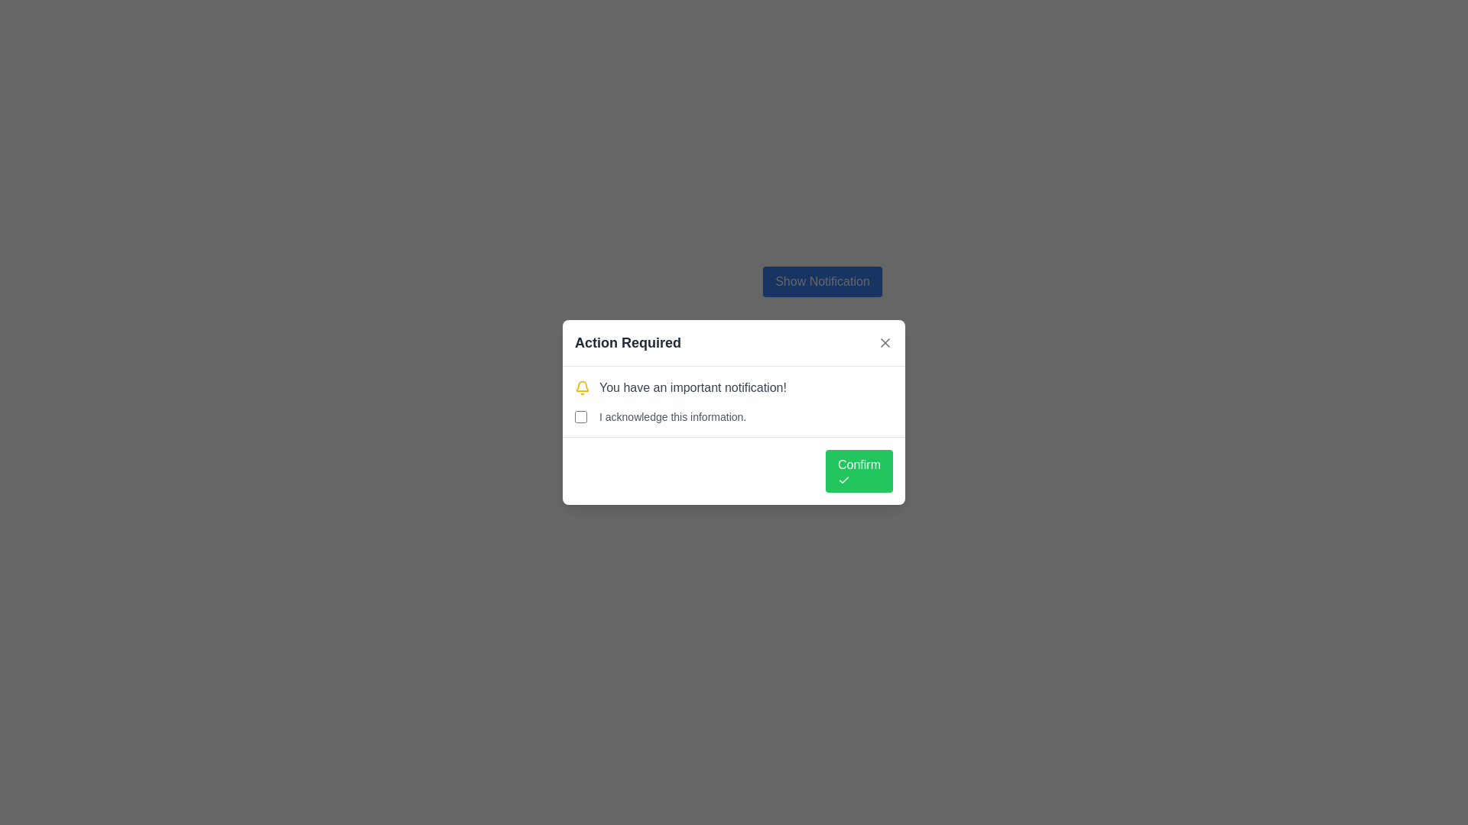  What do you see at coordinates (628, 341) in the screenshot?
I see `the bold, large-font header text reading 'Action Required' located at the top-center of the notification box` at bounding box center [628, 341].